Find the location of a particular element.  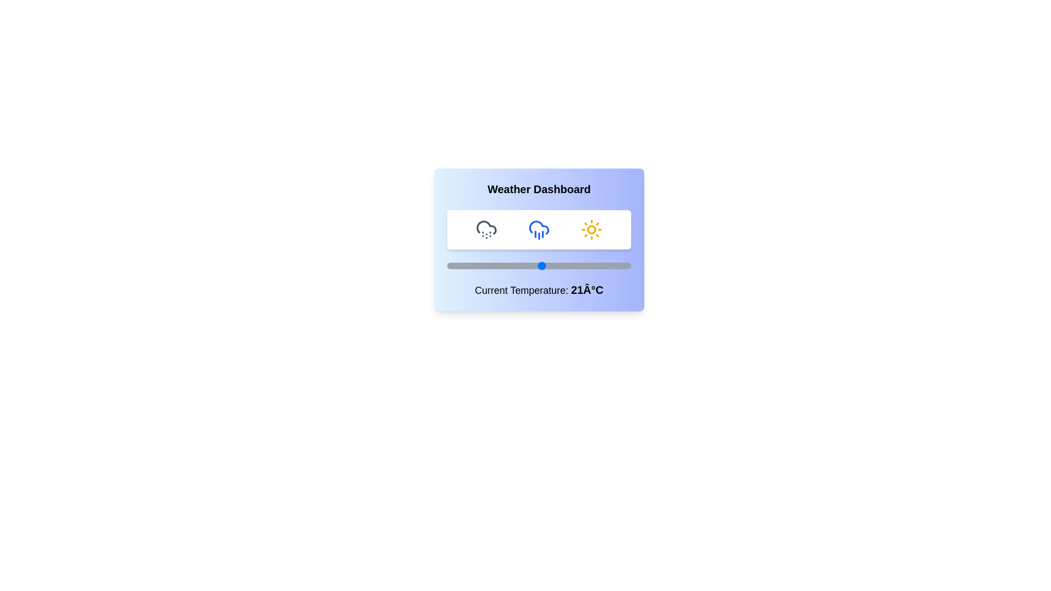

the temperature slider to set the temperature to -1°C is located at coordinates (475, 266).